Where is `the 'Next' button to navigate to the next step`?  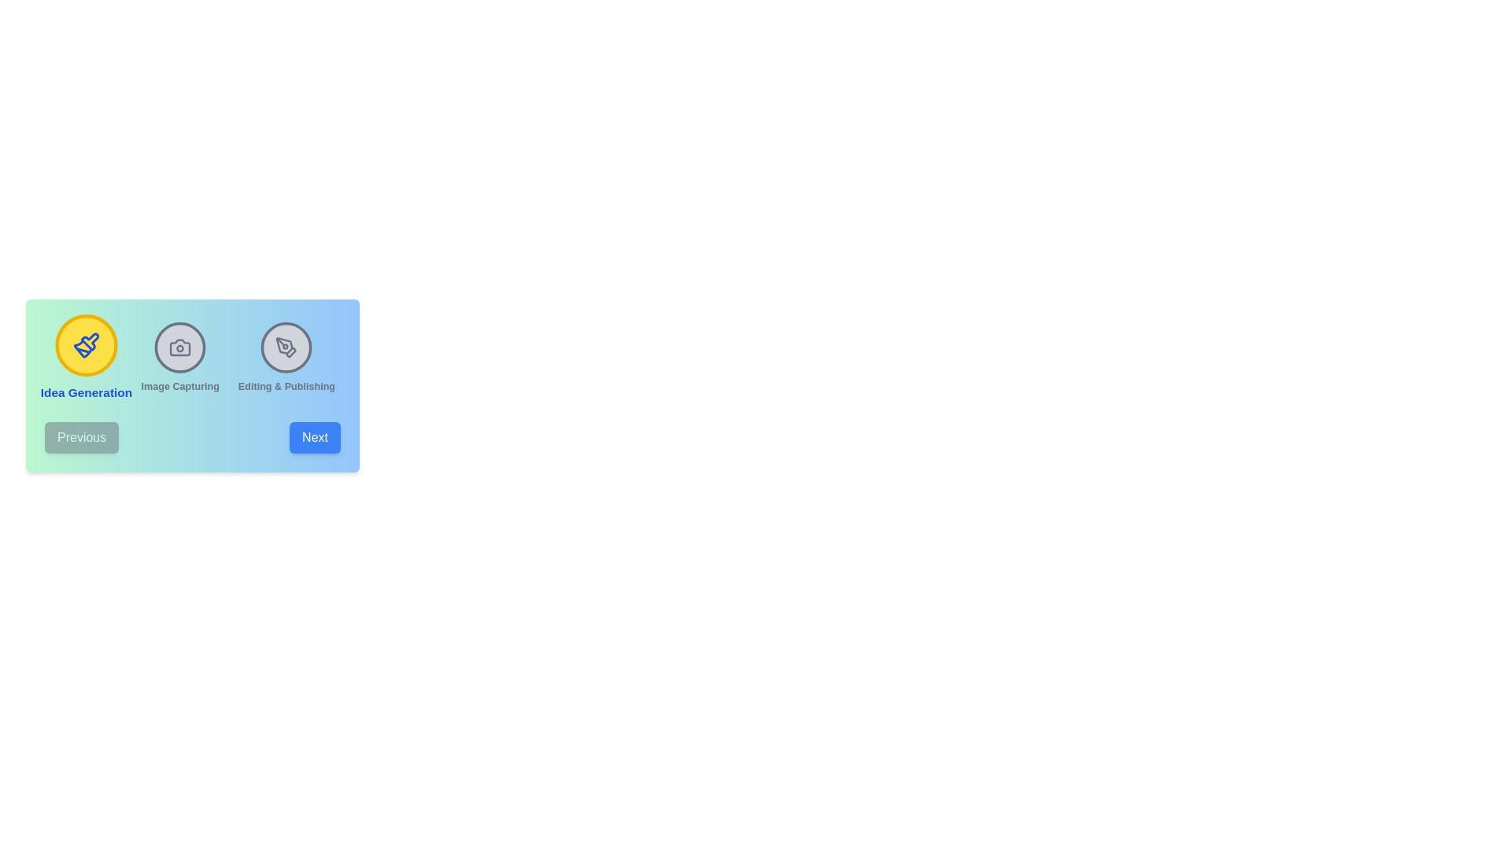
the 'Next' button to navigate to the next step is located at coordinates (315, 437).